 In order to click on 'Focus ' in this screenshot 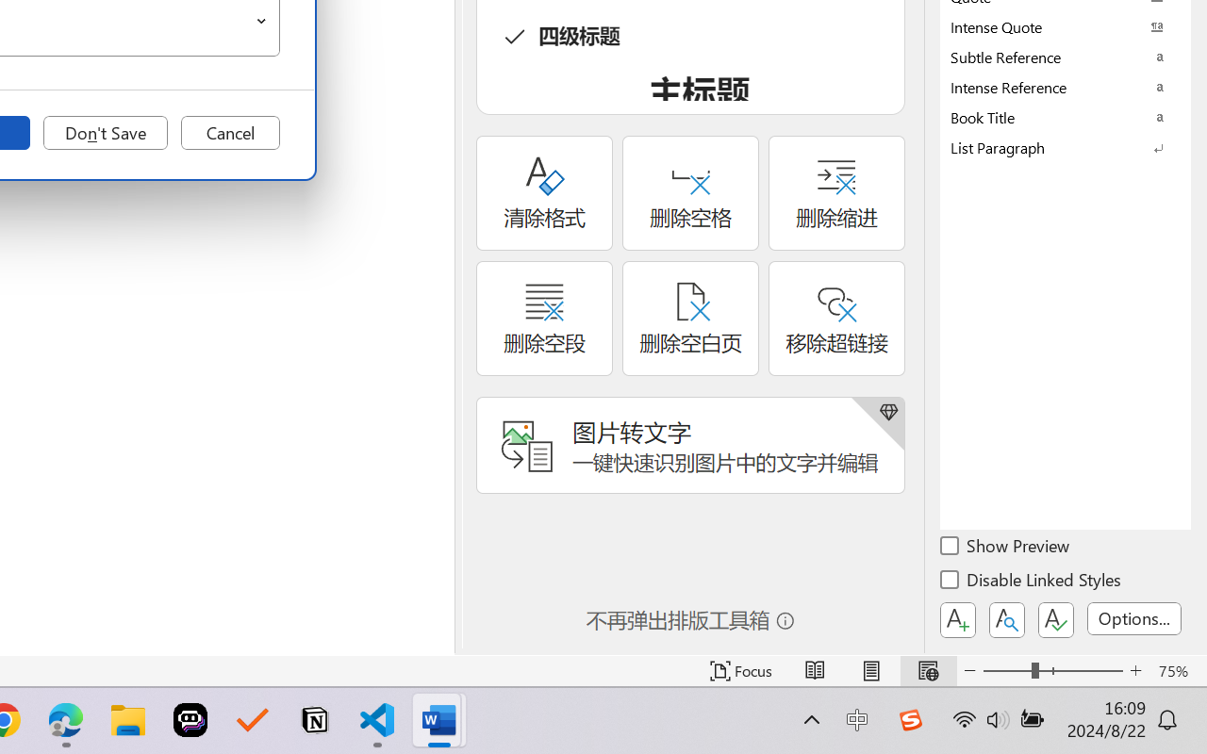, I will do `click(740, 670)`.